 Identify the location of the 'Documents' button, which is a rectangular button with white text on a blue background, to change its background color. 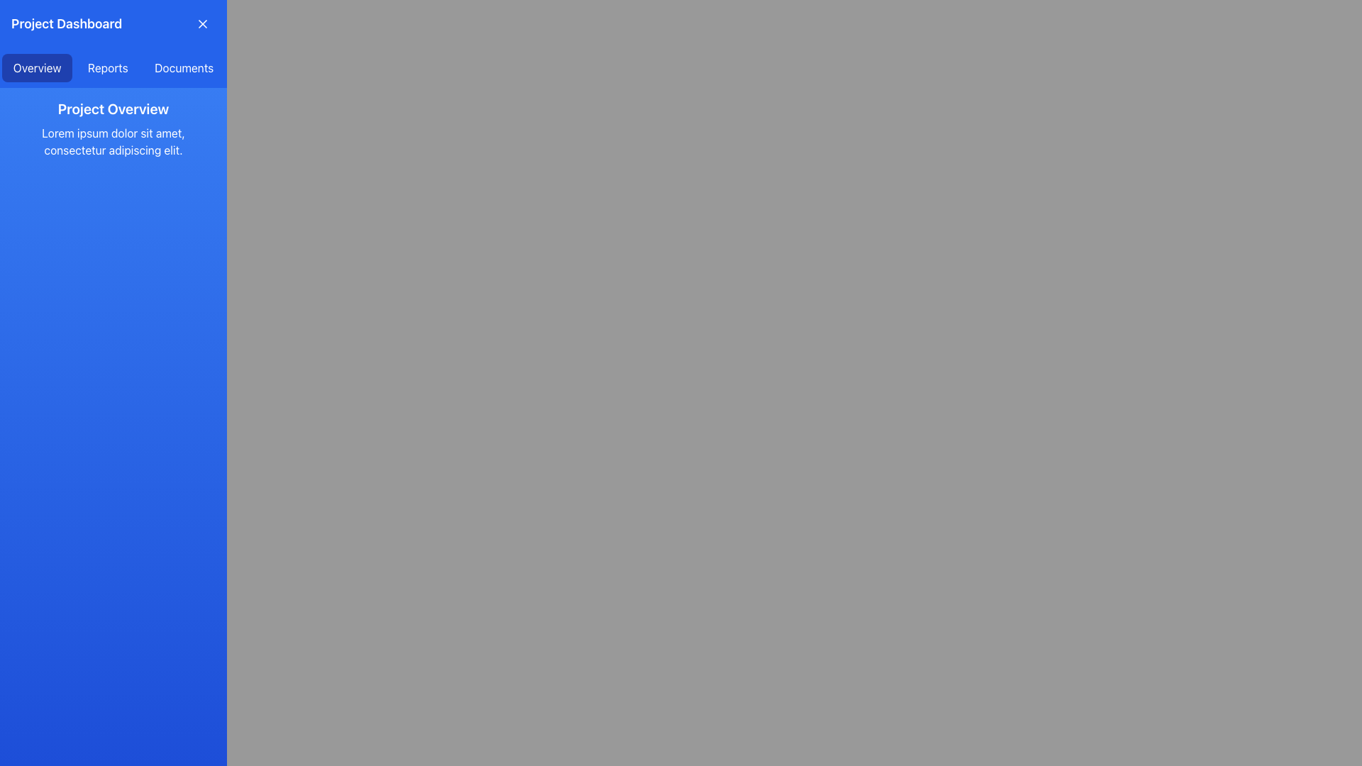
(183, 68).